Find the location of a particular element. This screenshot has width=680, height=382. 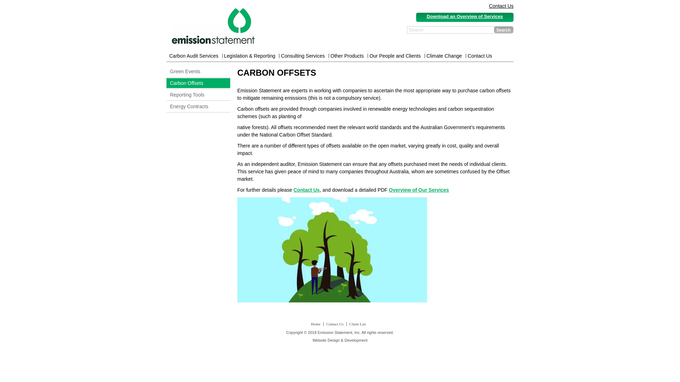

'logo' is located at coordinates (171, 25).